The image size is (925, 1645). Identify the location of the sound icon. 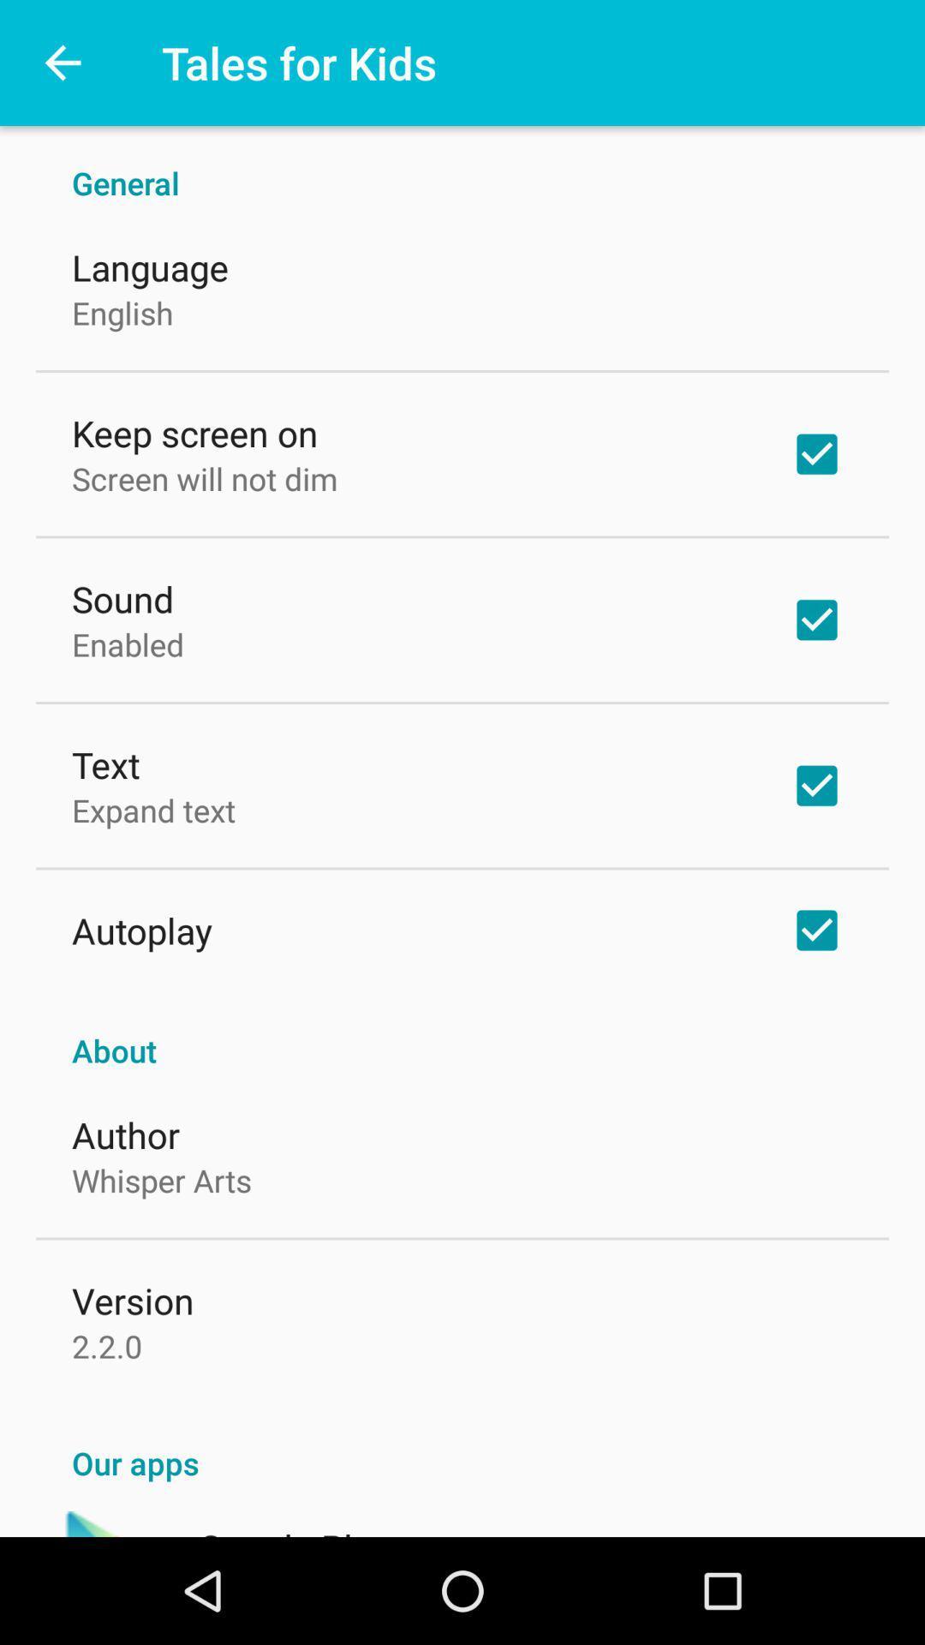
(122, 599).